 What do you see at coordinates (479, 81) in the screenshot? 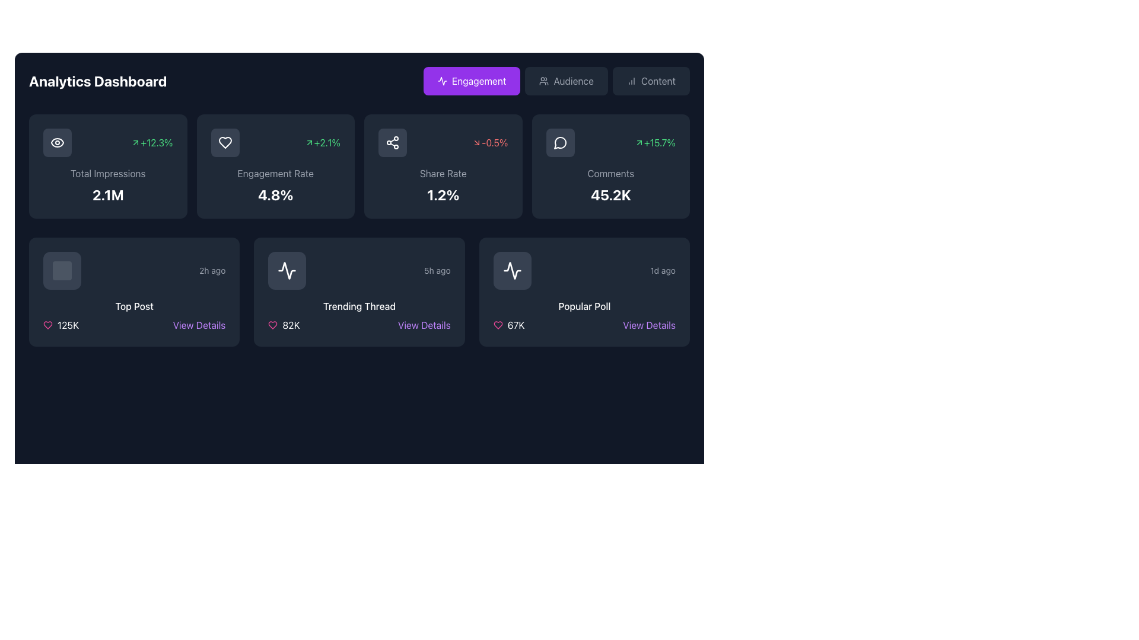
I see `the button labeled 'Engagement' which has a purple background and contains the word 'Engagement' in white bold sans-serif font` at bounding box center [479, 81].